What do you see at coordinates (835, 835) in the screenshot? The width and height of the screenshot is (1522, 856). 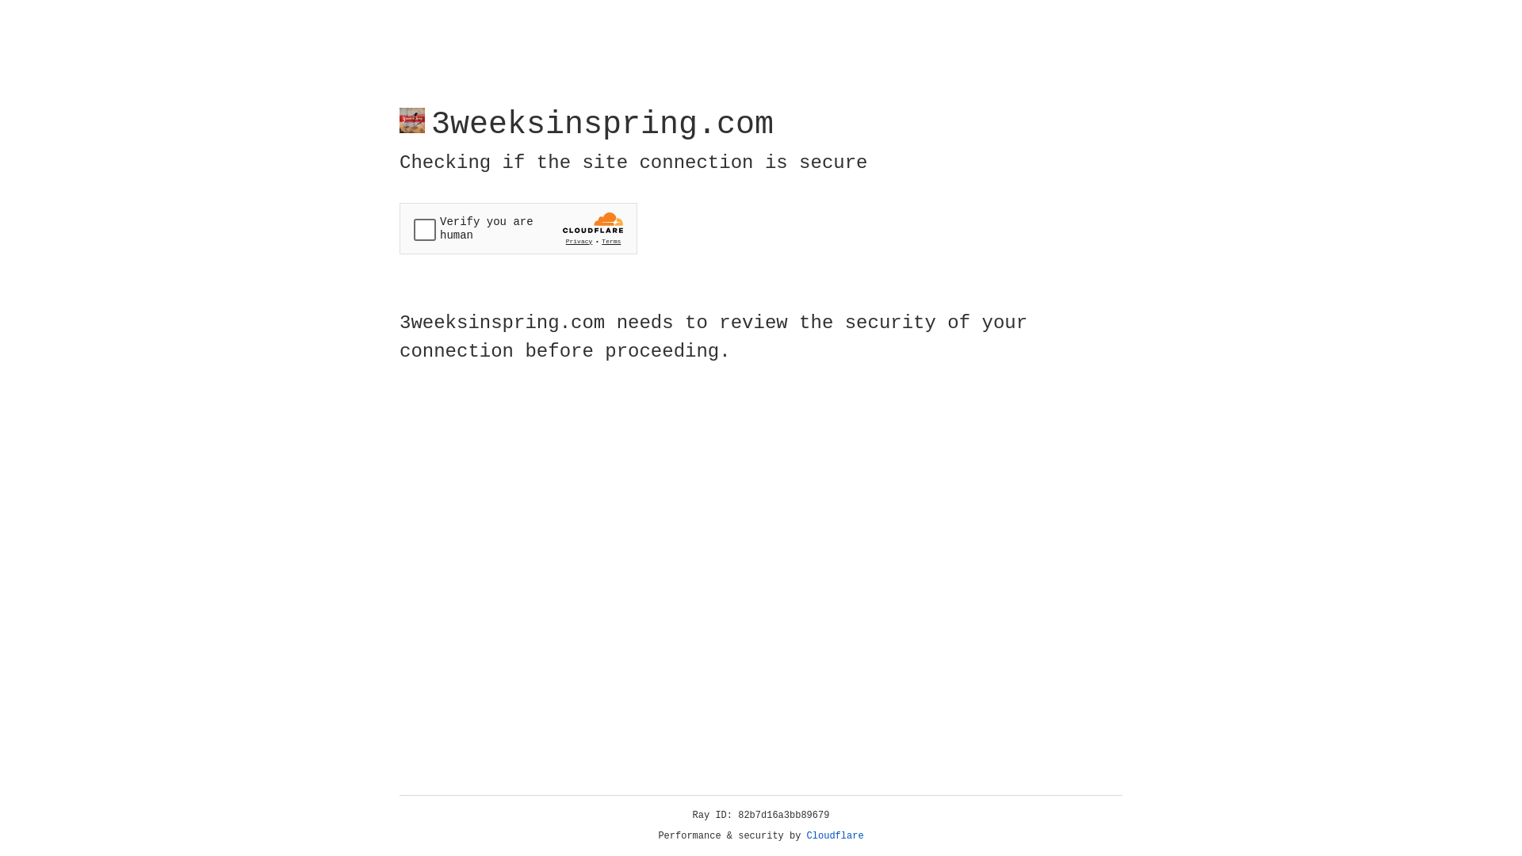 I see `'Cloudflare'` at bounding box center [835, 835].